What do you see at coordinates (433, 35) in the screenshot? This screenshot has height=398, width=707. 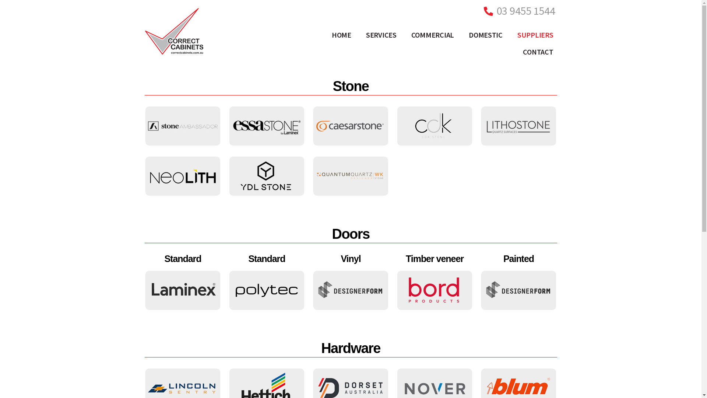 I see `'COMMERCIAL'` at bounding box center [433, 35].